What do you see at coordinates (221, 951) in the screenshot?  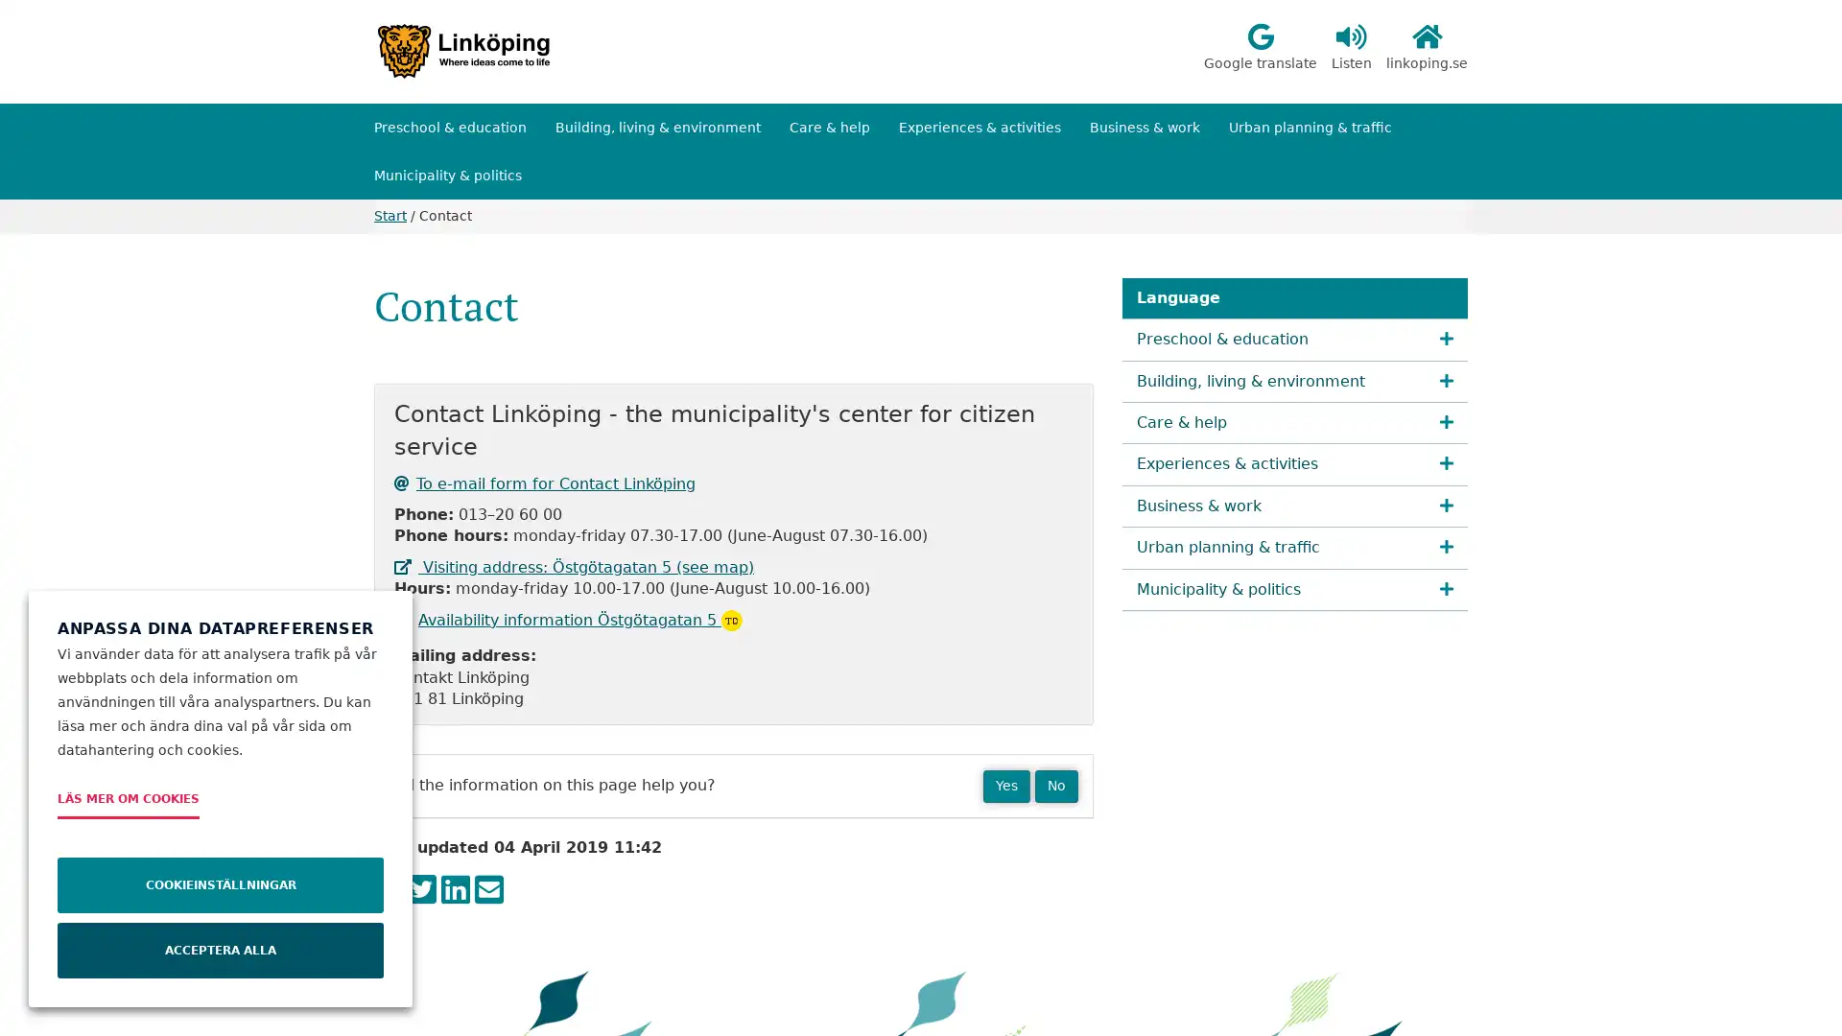 I see `ACCEPTERA ALLA` at bounding box center [221, 951].